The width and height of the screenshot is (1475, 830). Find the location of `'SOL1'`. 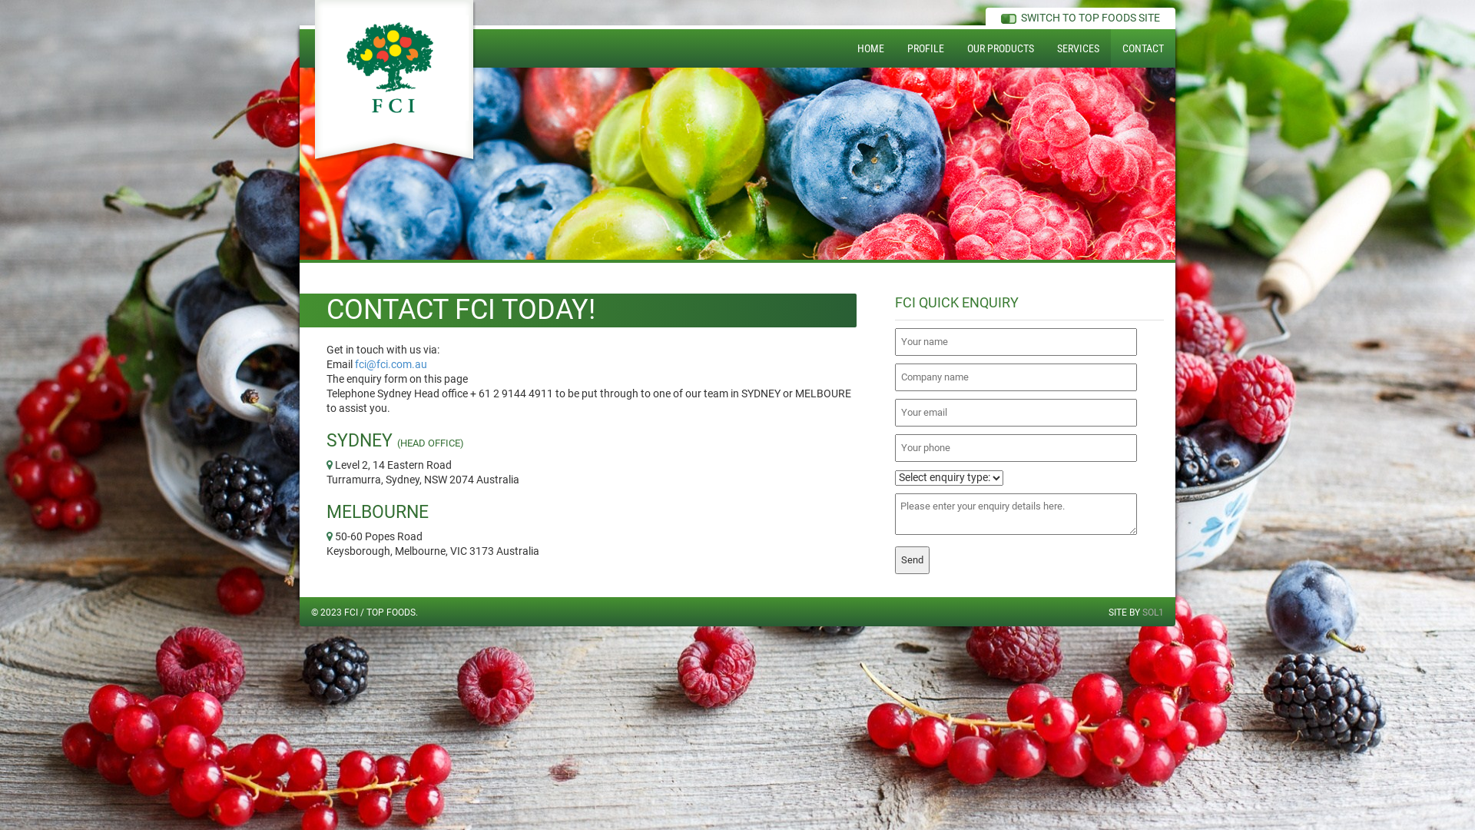

'SOL1' is located at coordinates (1153, 612).